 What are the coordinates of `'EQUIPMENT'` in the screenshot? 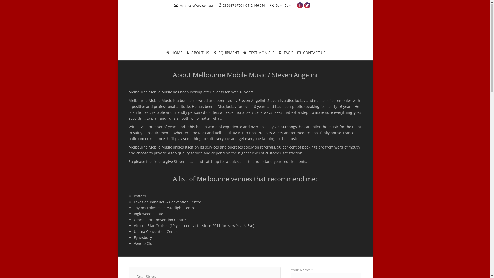 It's located at (226, 53).